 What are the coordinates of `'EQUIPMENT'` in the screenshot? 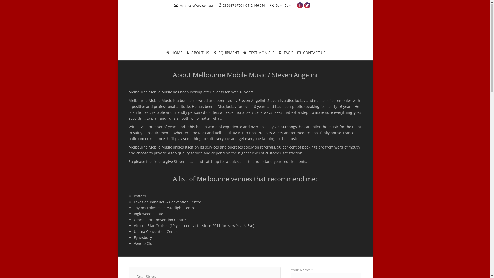 It's located at (226, 53).